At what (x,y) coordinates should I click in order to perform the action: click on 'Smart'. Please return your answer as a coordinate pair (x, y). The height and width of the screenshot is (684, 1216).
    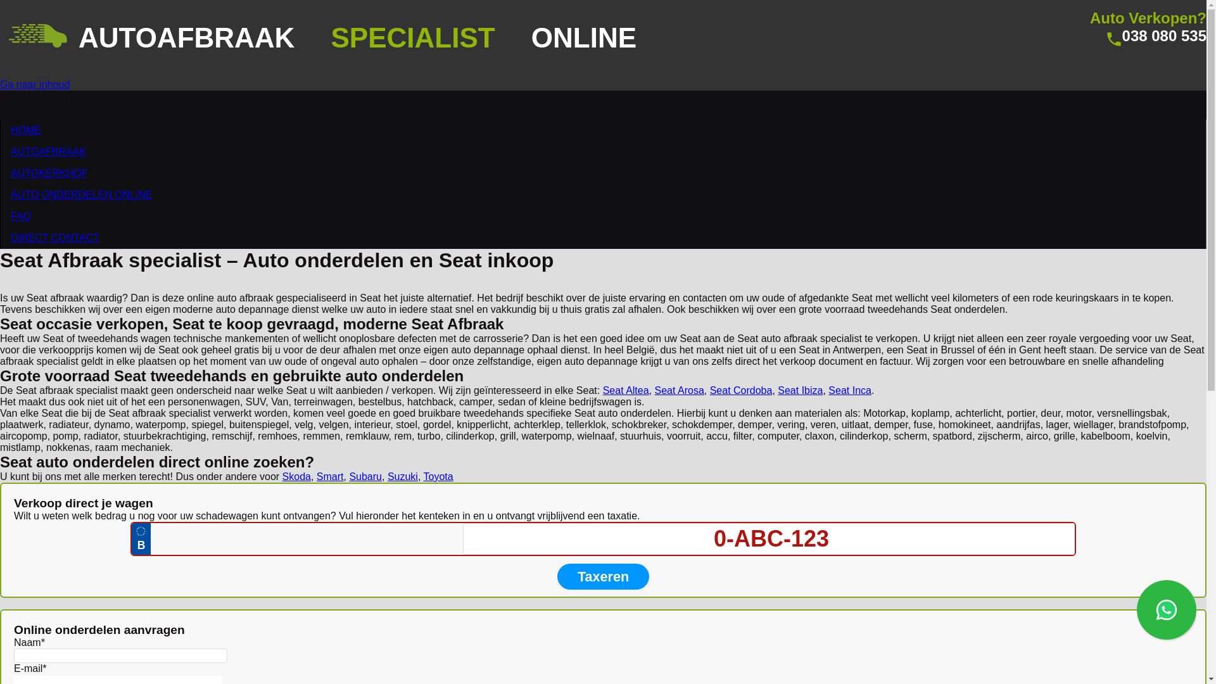
    Looking at the image, I should click on (330, 476).